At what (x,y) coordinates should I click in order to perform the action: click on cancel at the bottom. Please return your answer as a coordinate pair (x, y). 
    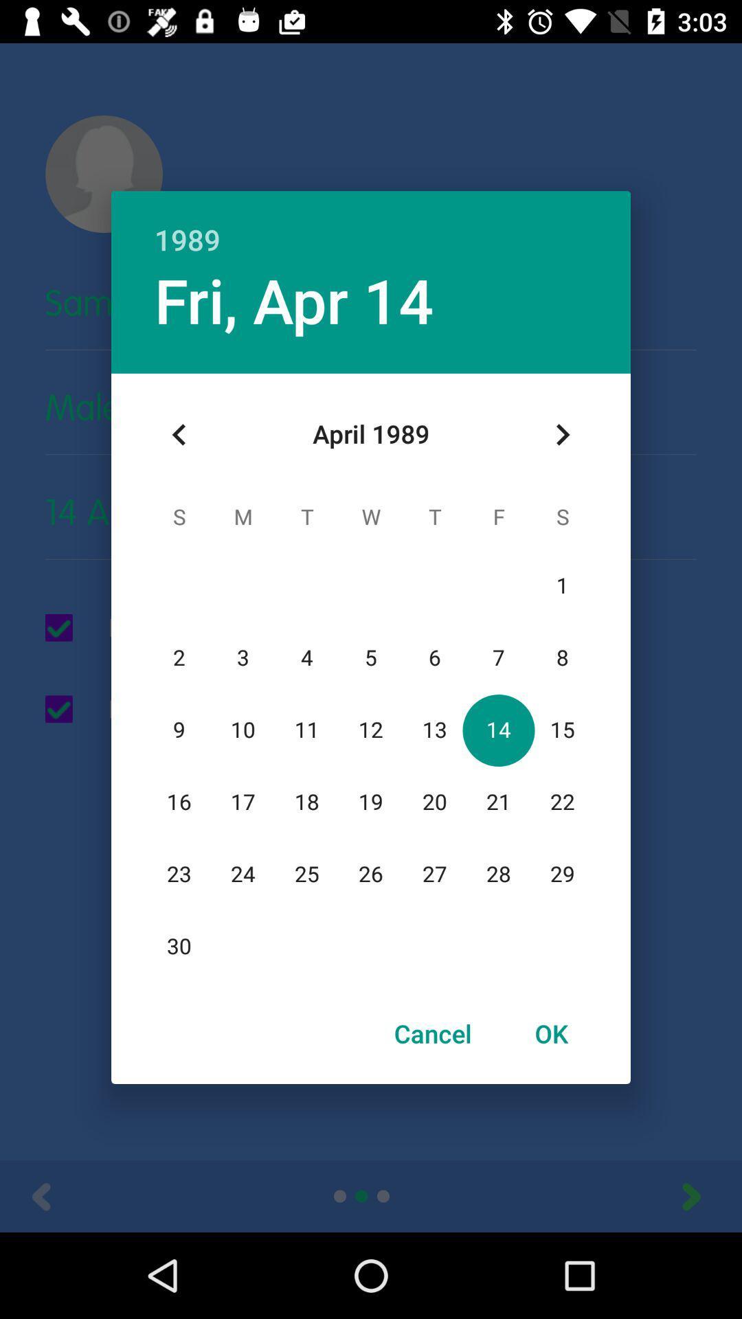
    Looking at the image, I should click on (433, 1033).